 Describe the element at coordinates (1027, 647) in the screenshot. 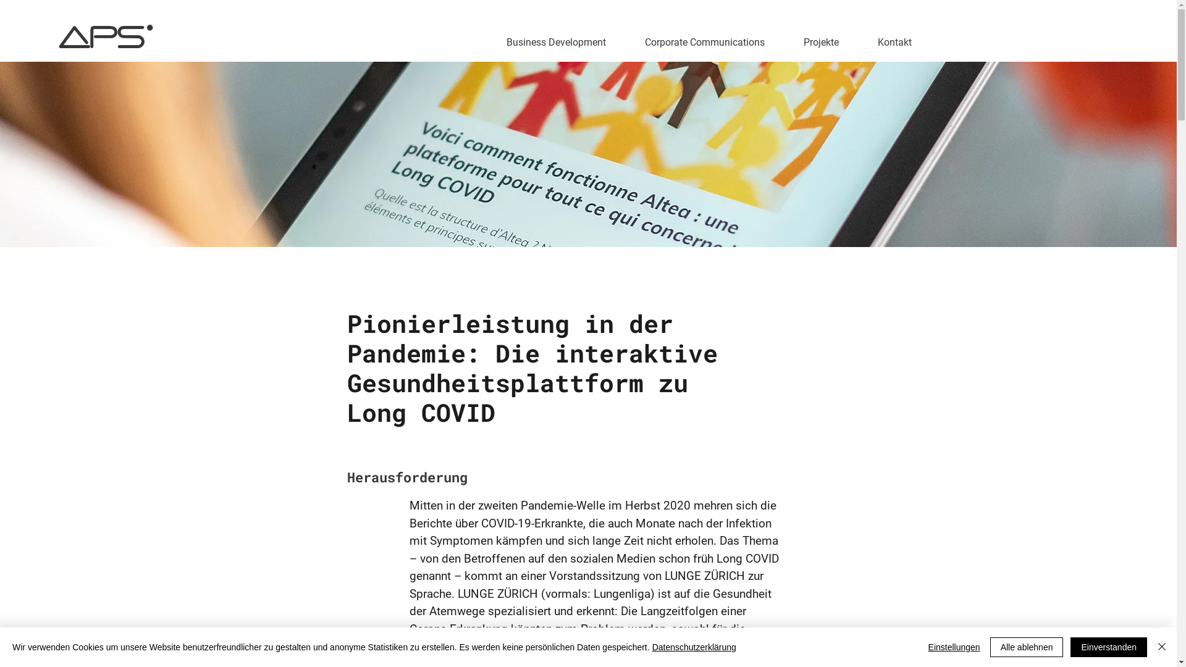

I see `'Alle ablehnen'` at that location.